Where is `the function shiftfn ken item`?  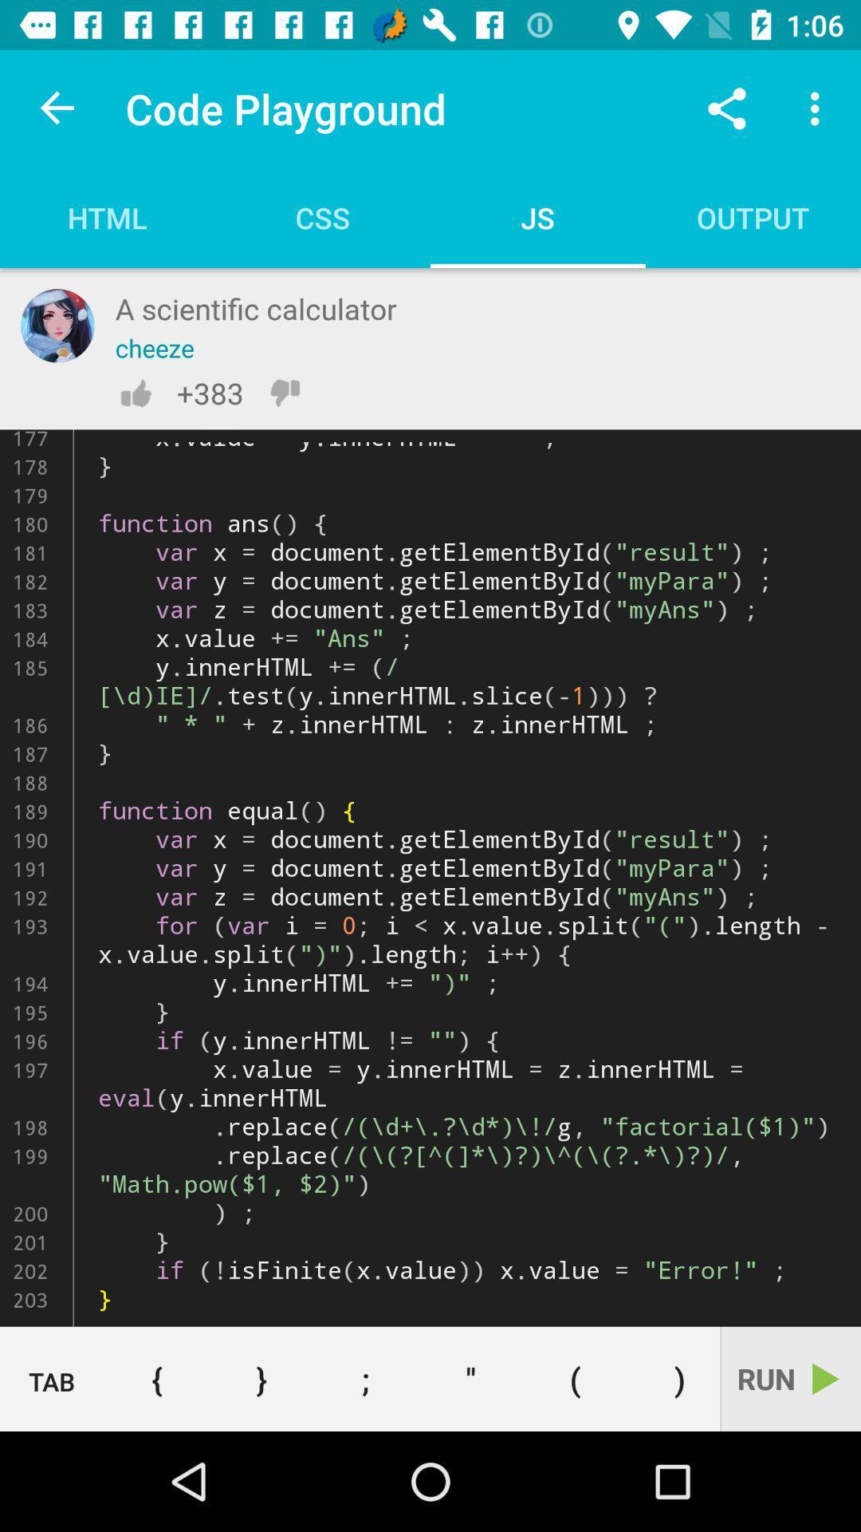
the function shiftfn ken item is located at coordinates (431, 877).